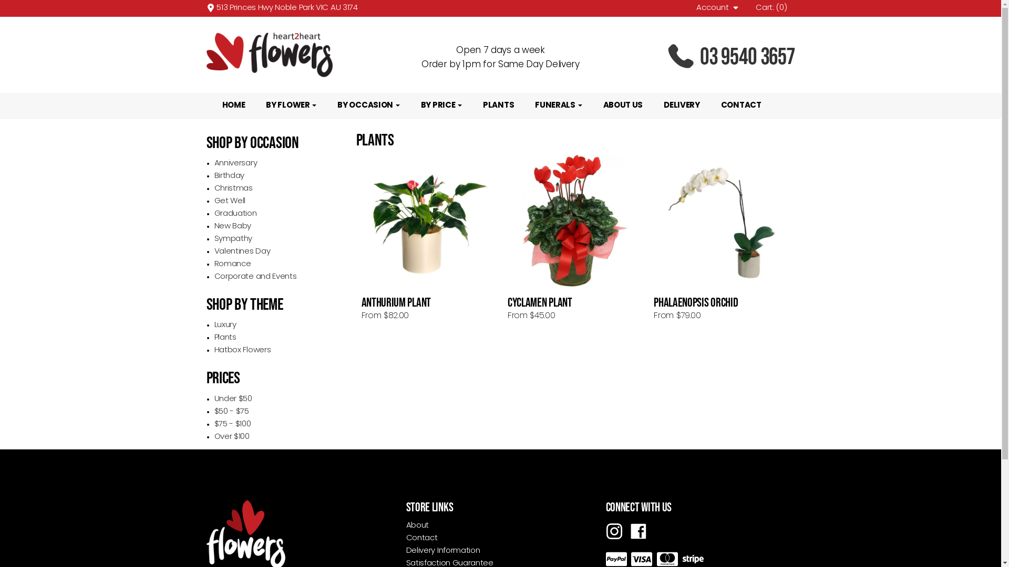  What do you see at coordinates (229, 201) in the screenshot?
I see `'Get Well'` at bounding box center [229, 201].